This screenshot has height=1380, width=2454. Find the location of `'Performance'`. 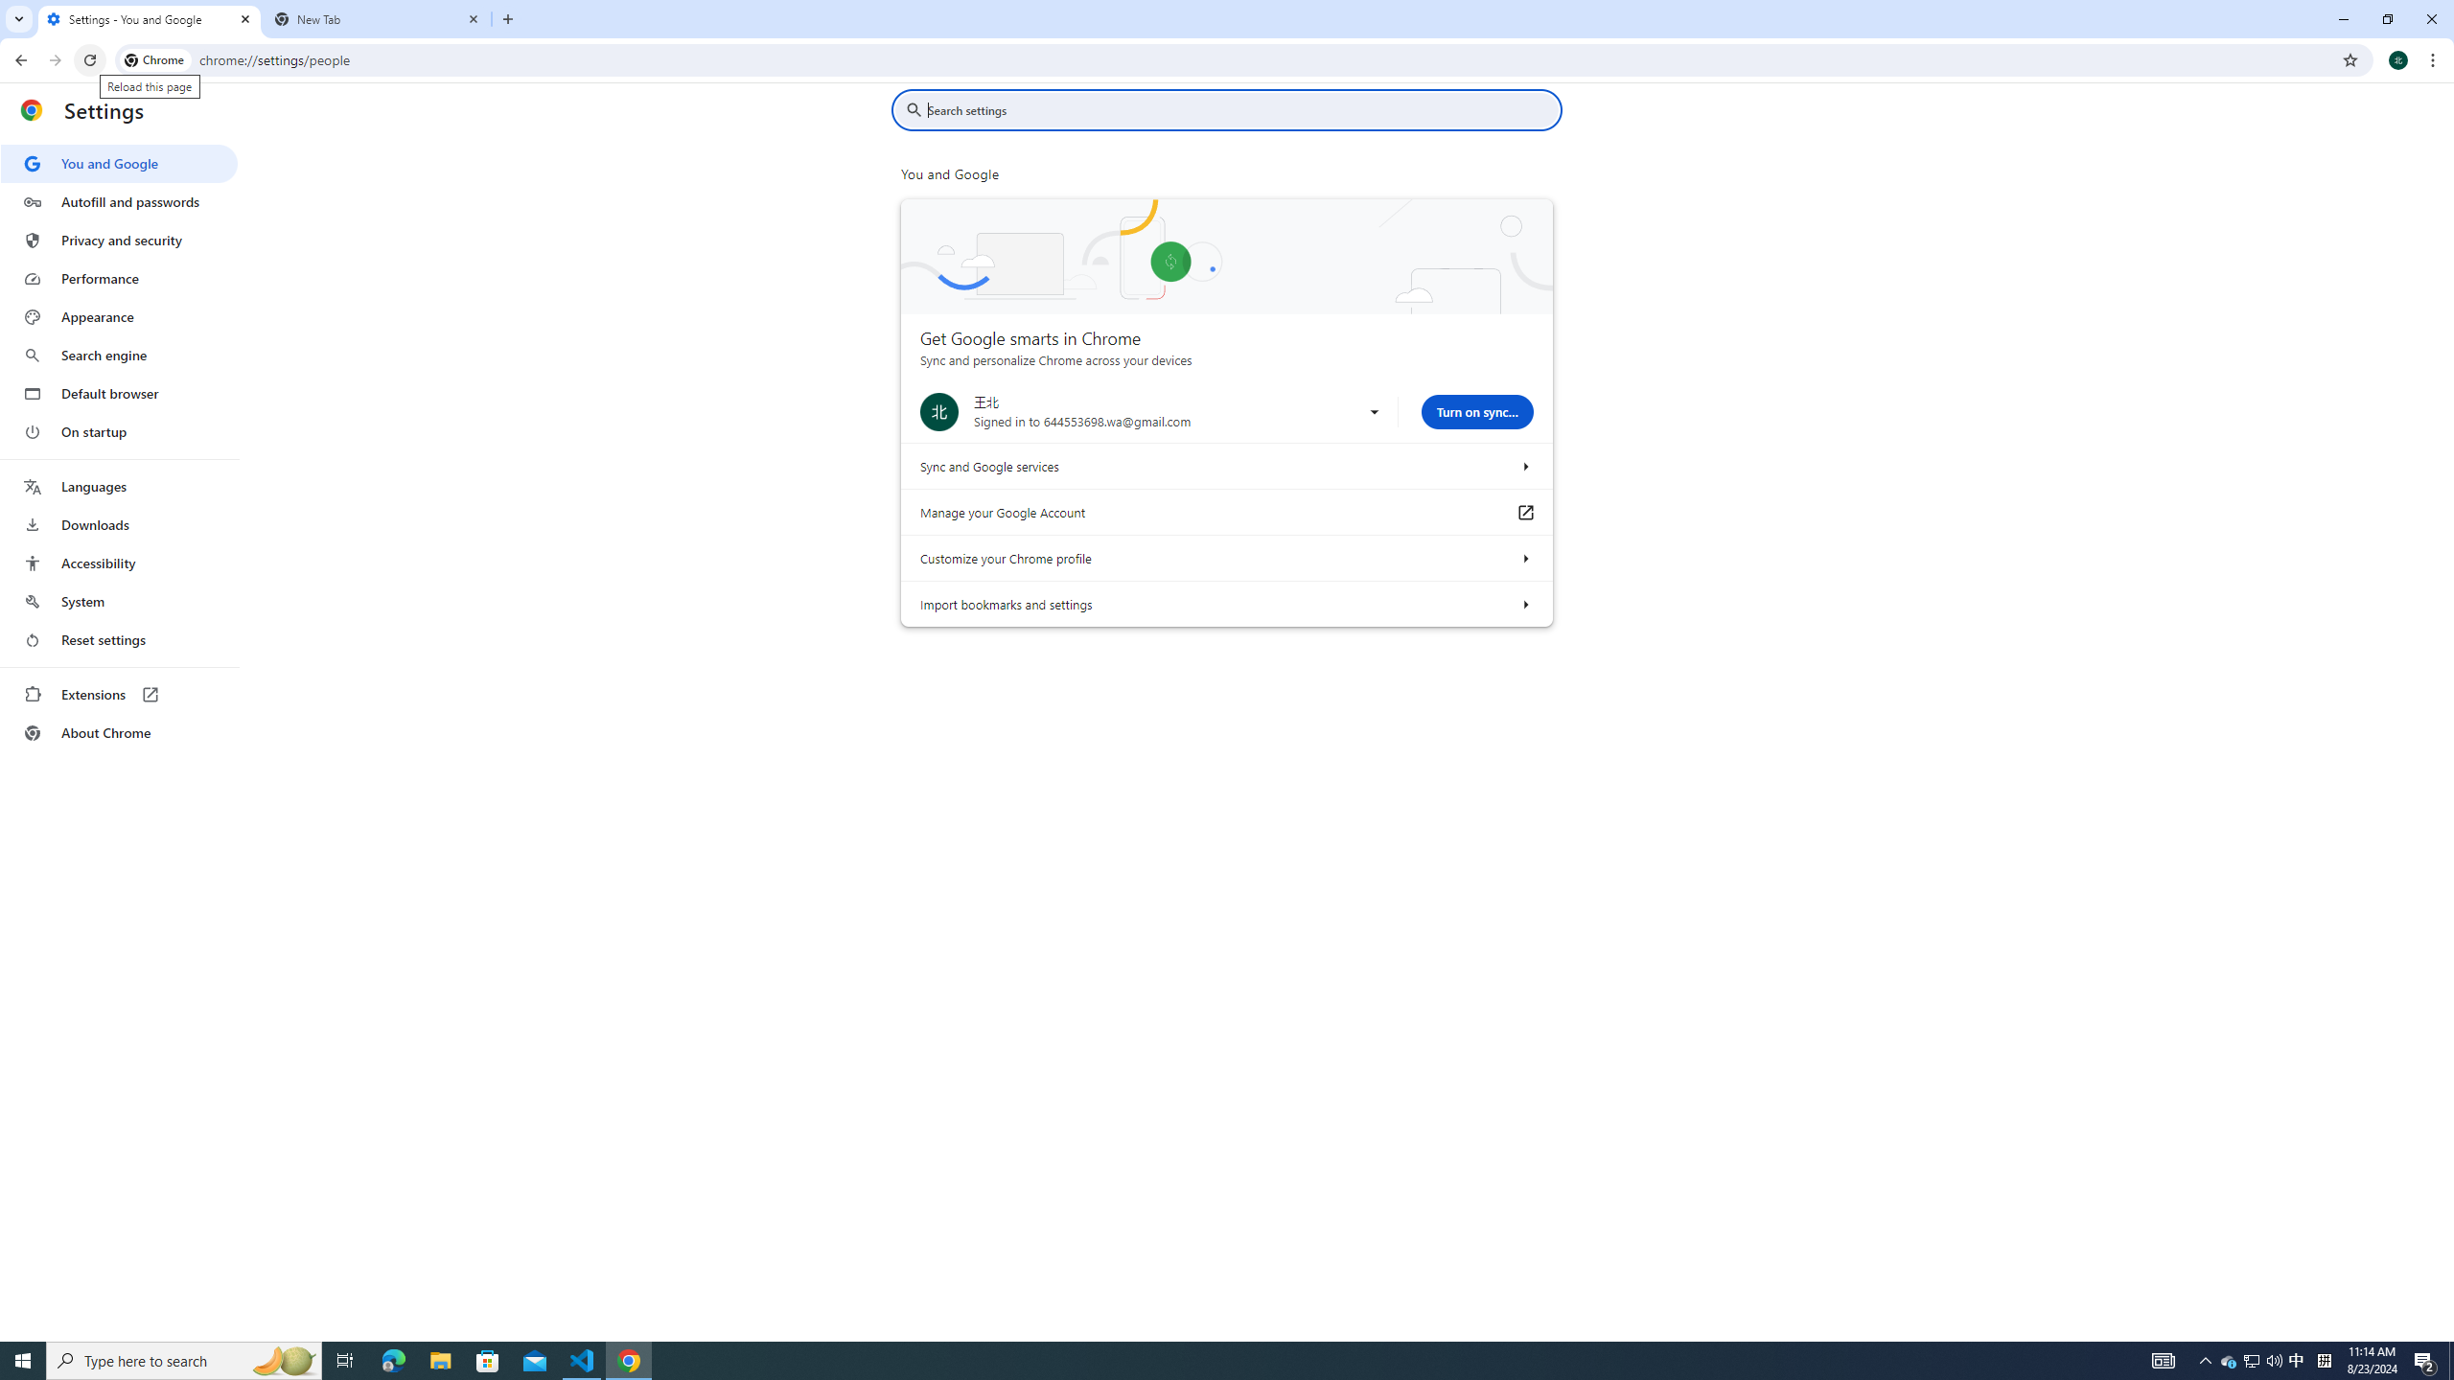

'Performance' is located at coordinates (118, 278).